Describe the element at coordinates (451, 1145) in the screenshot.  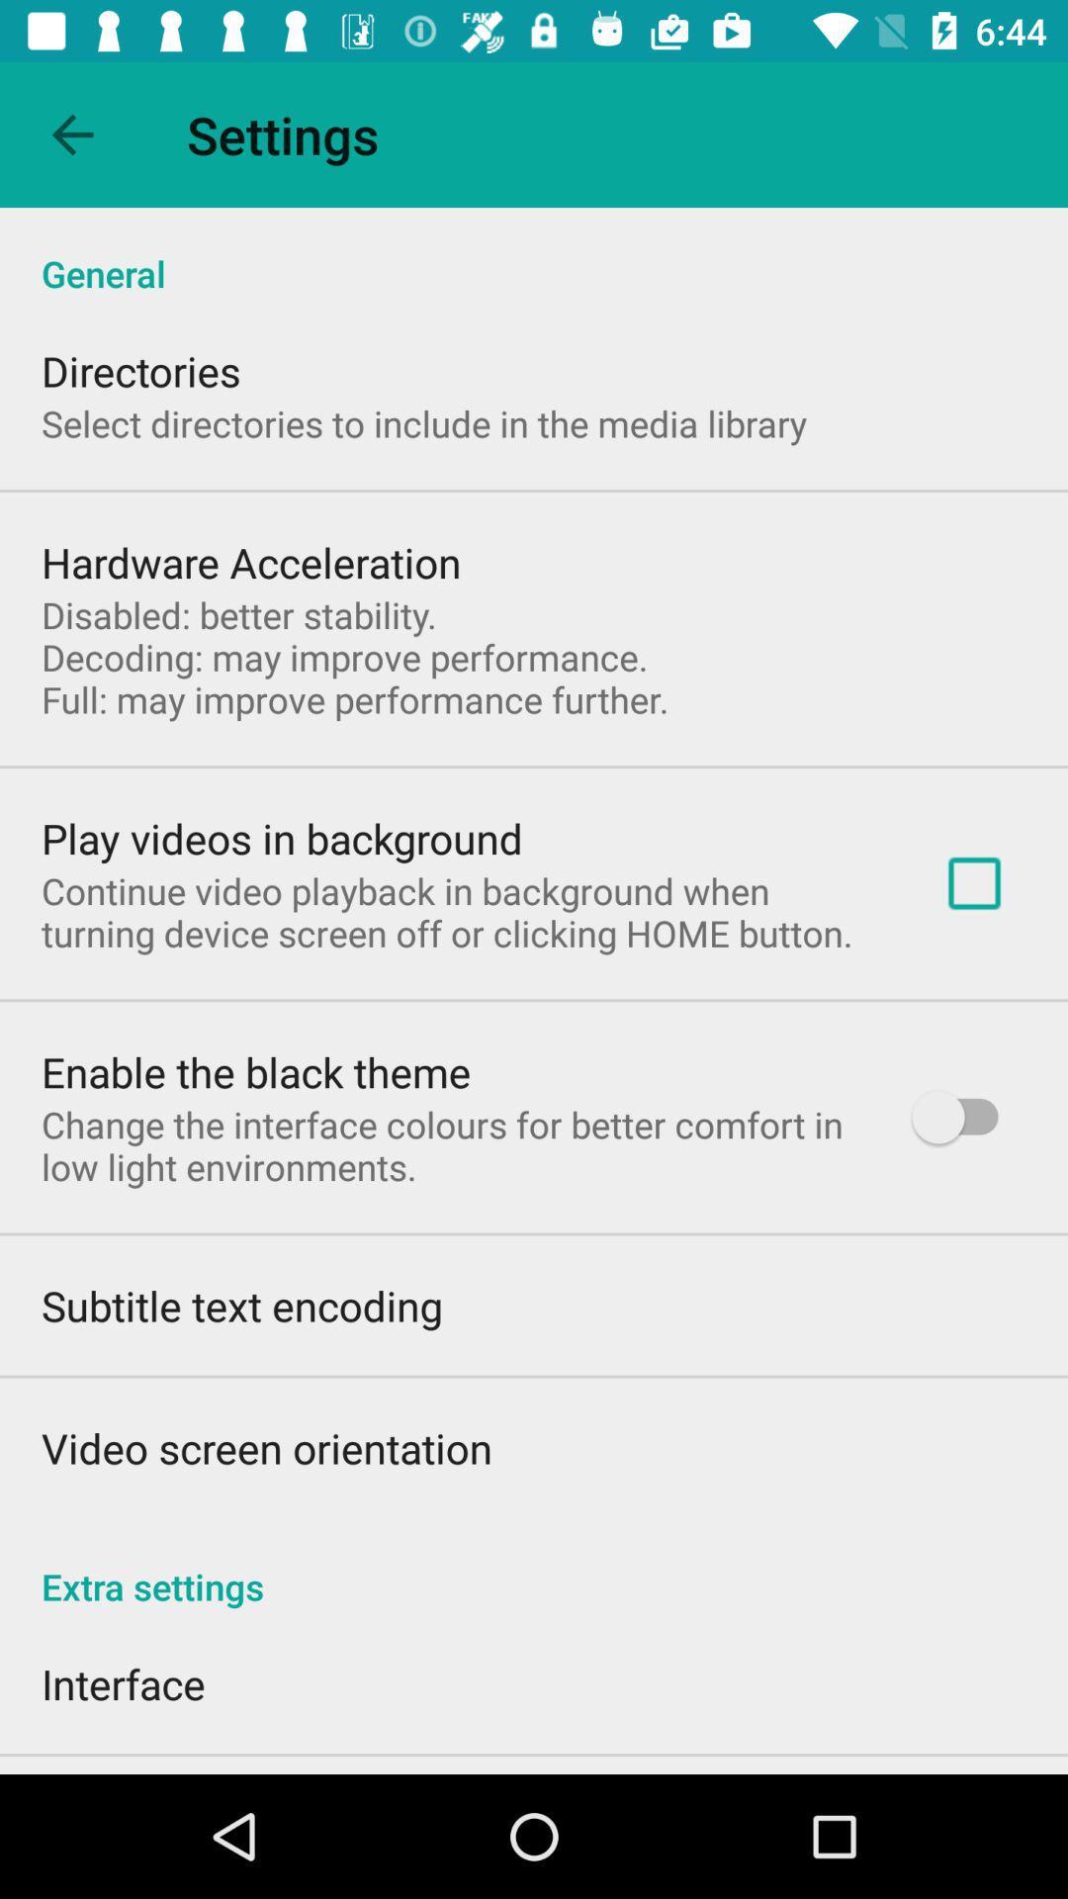
I see `the change the interface icon` at that location.